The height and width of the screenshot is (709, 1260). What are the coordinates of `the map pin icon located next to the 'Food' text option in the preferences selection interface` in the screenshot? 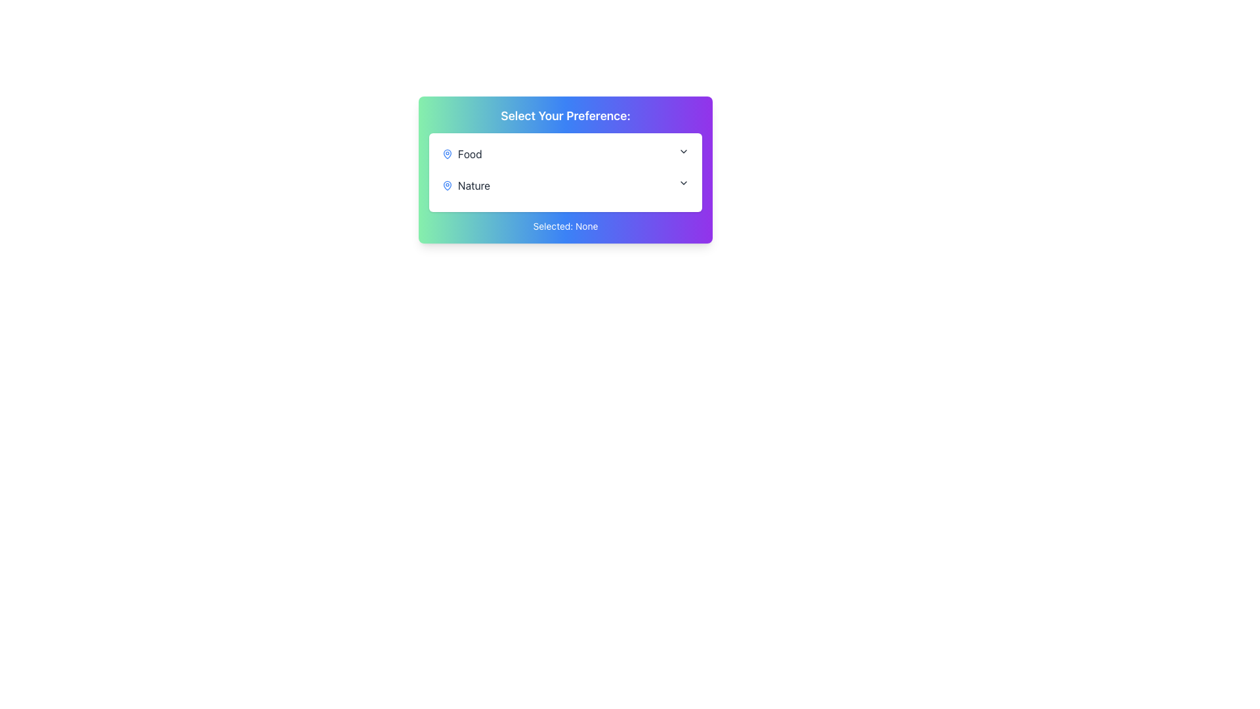 It's located at (447, 153).